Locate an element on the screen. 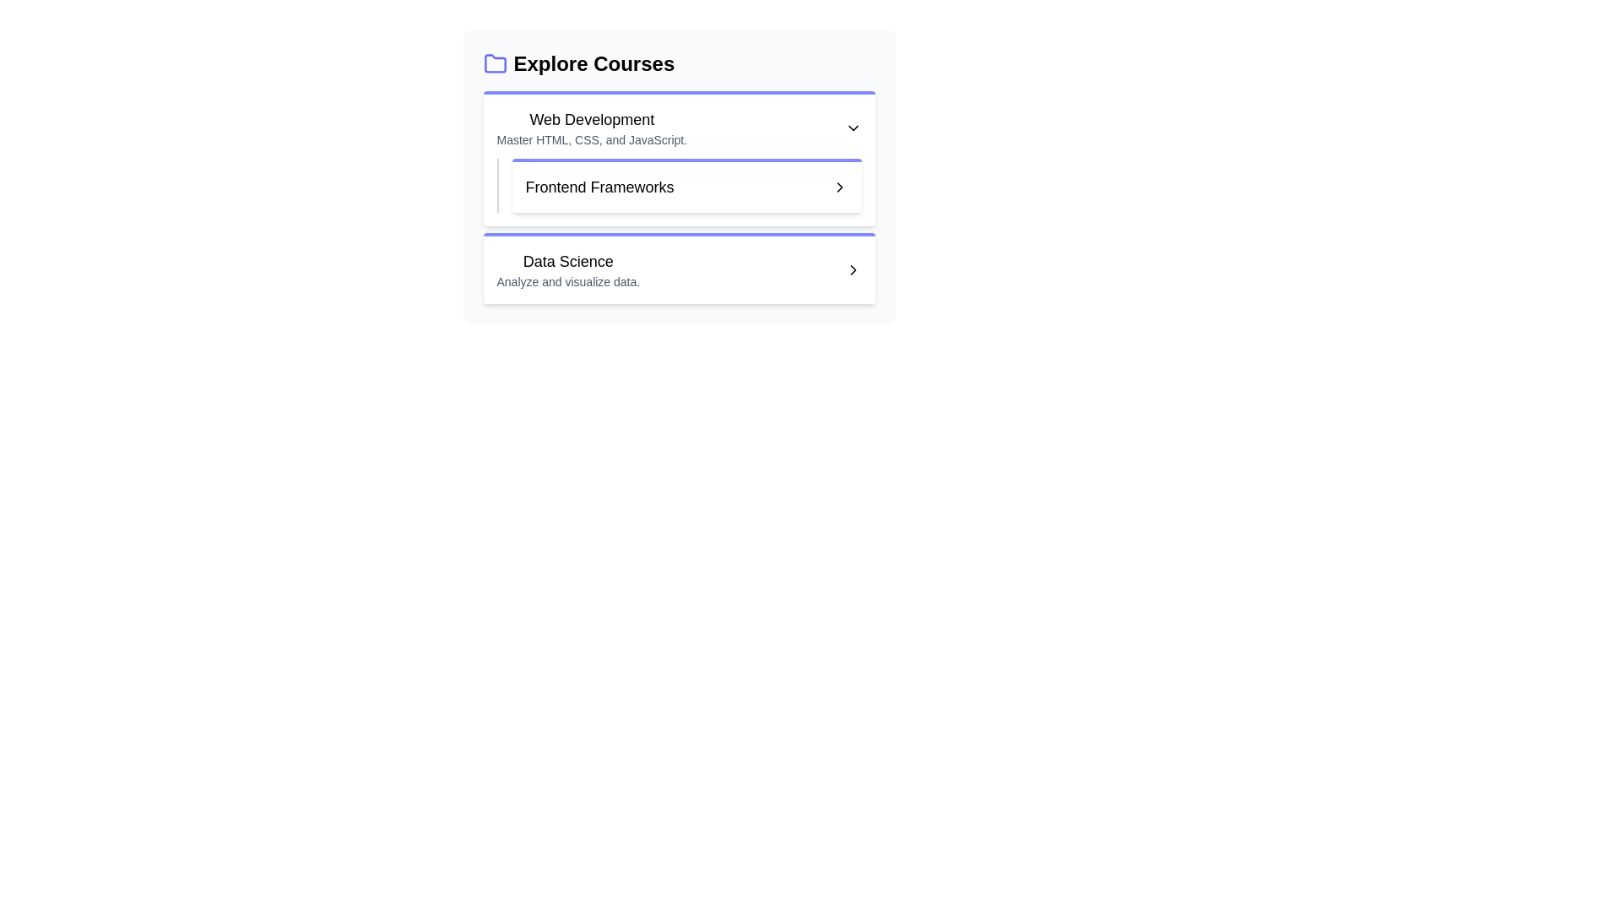 This screenshot has height=912, width=1621. the first selectable item in the 'Web Development' drop-down of the 'Explore Courses' section is located at coordinates (686, 187).